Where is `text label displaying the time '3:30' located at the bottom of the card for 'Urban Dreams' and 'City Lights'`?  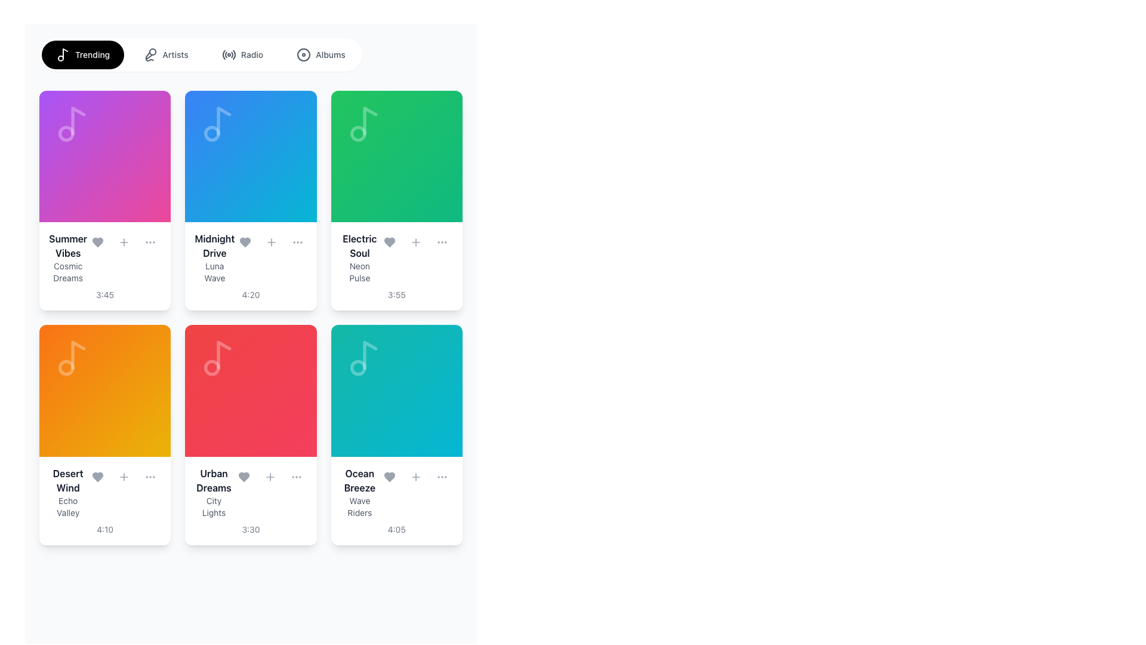 text label displaying the time '3:30' located at the bottom of the card for 'Urban Dreams' and 'City Lights' is located at coordinates (250, 529).